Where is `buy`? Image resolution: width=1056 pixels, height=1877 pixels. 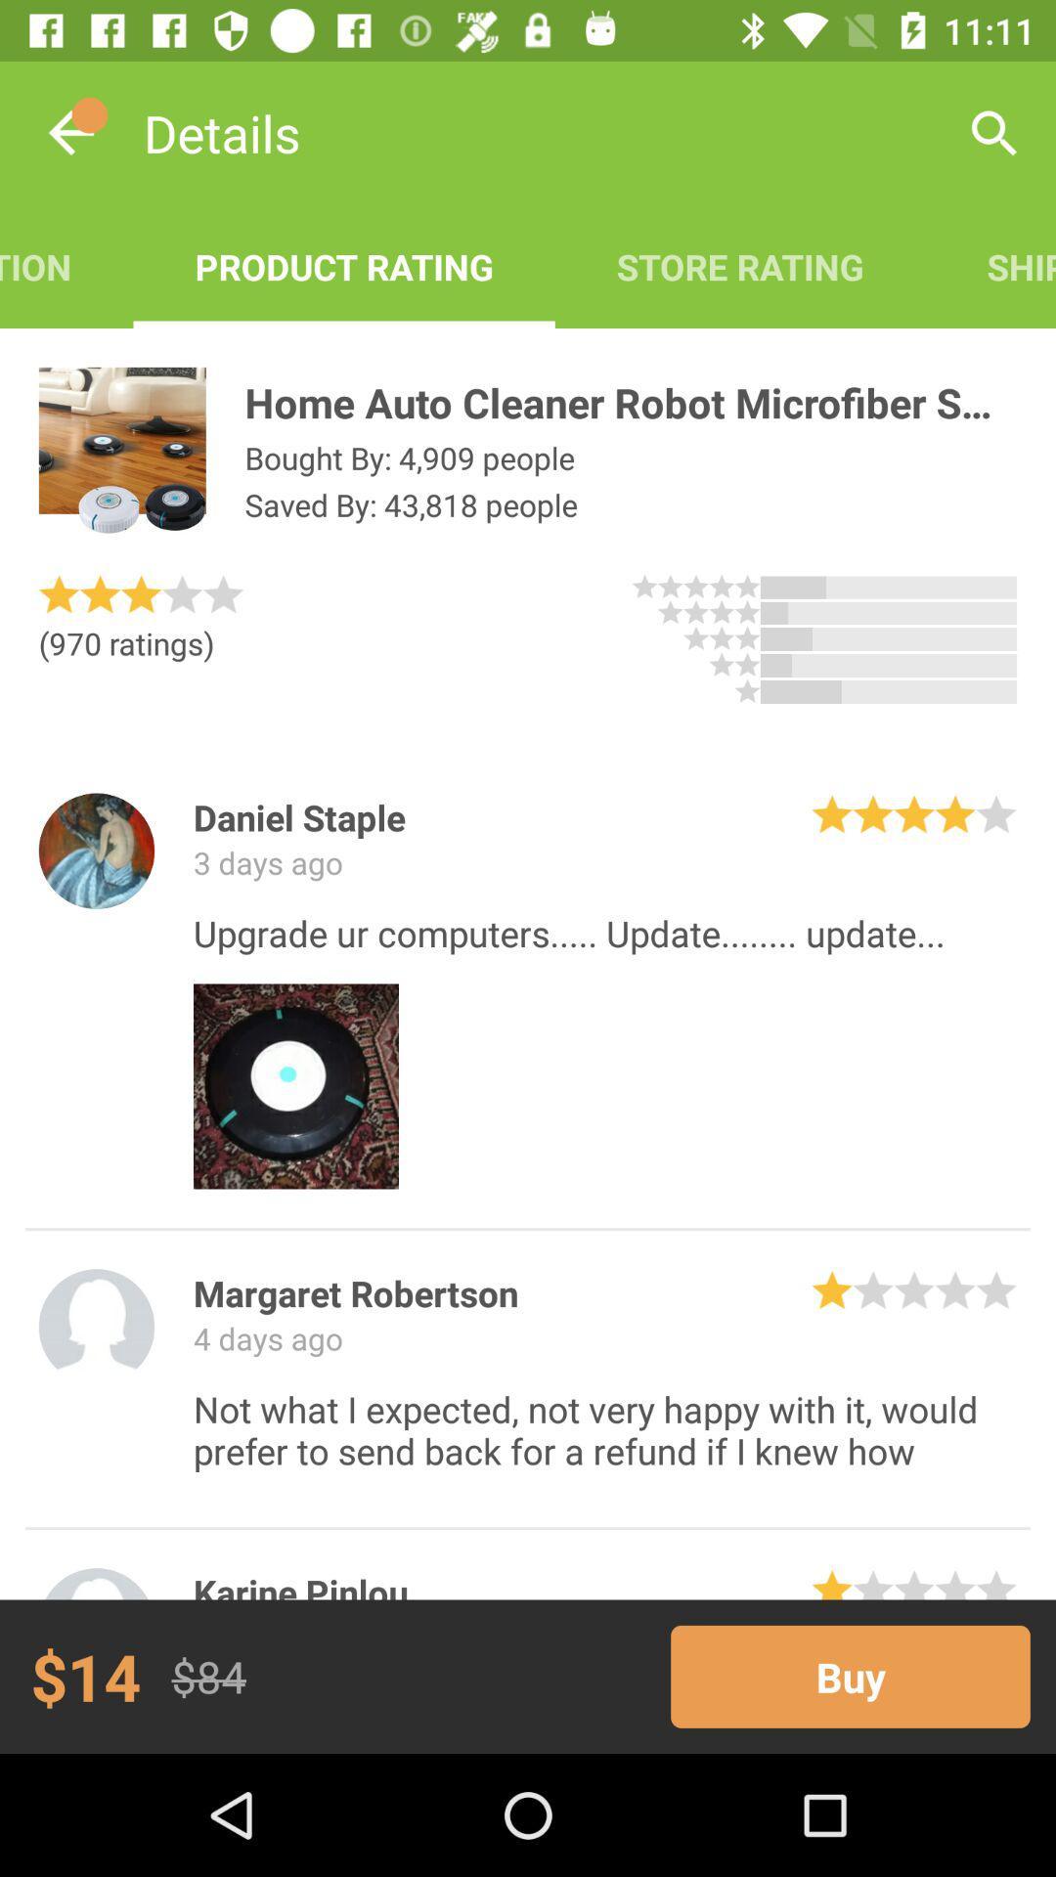
buy is located at coordinates (850, 1676).